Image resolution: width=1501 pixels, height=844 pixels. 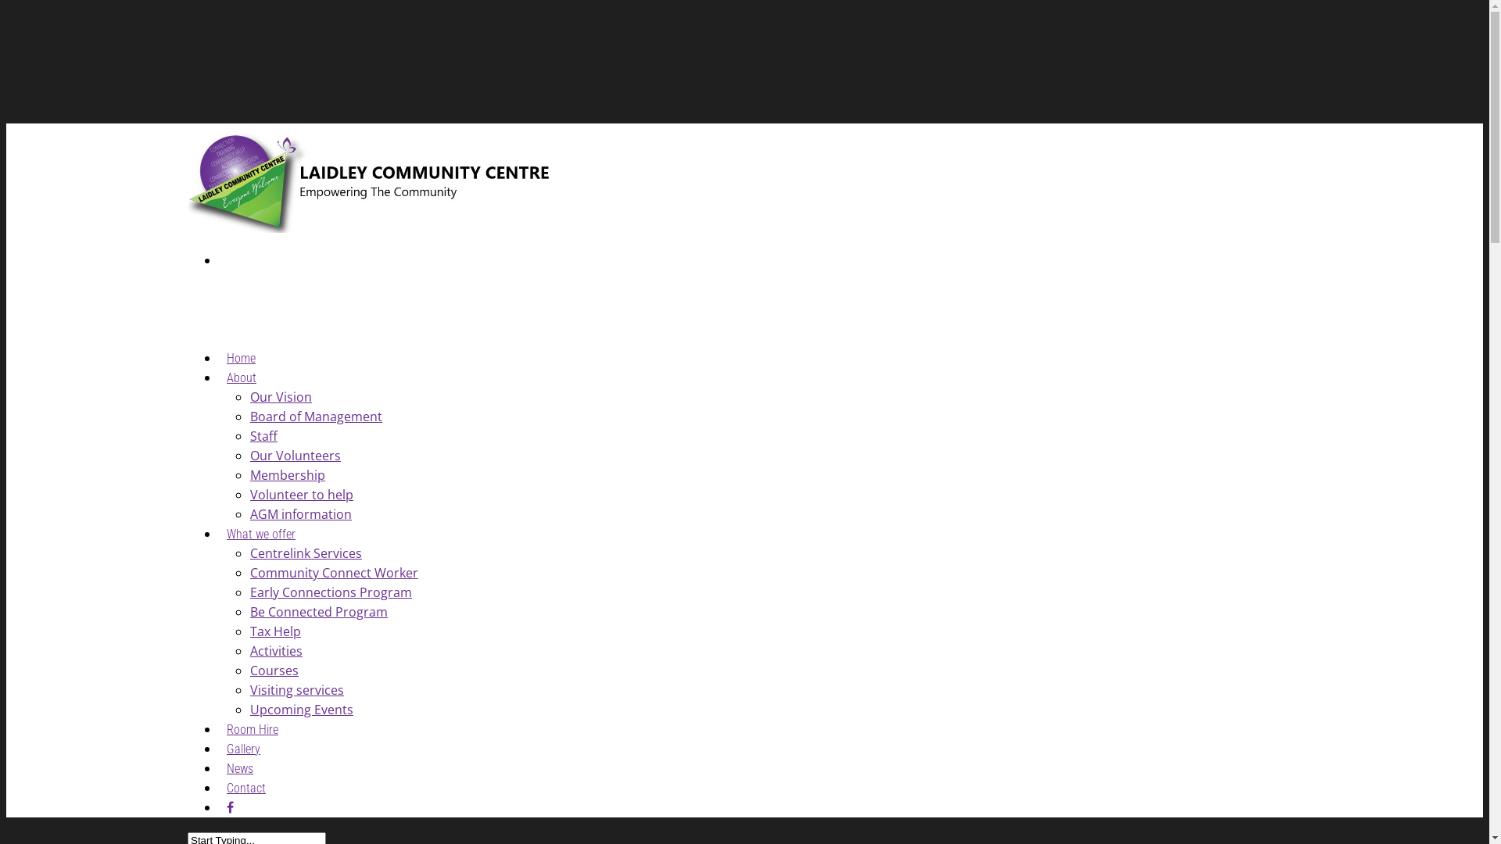 I want to click on 'Upcoming Events', so click(x=301, y=709).